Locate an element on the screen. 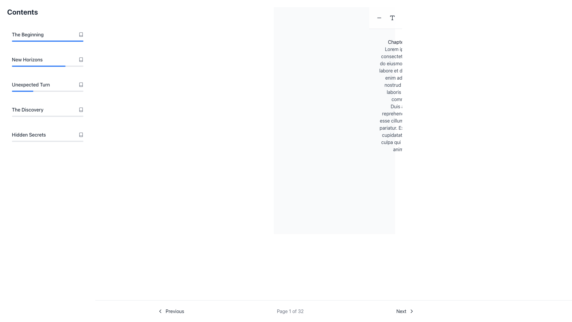 This screenshot has height=322, width=572. the fifth List Item in the 'Contents' section is located at coordinates (47, 137).